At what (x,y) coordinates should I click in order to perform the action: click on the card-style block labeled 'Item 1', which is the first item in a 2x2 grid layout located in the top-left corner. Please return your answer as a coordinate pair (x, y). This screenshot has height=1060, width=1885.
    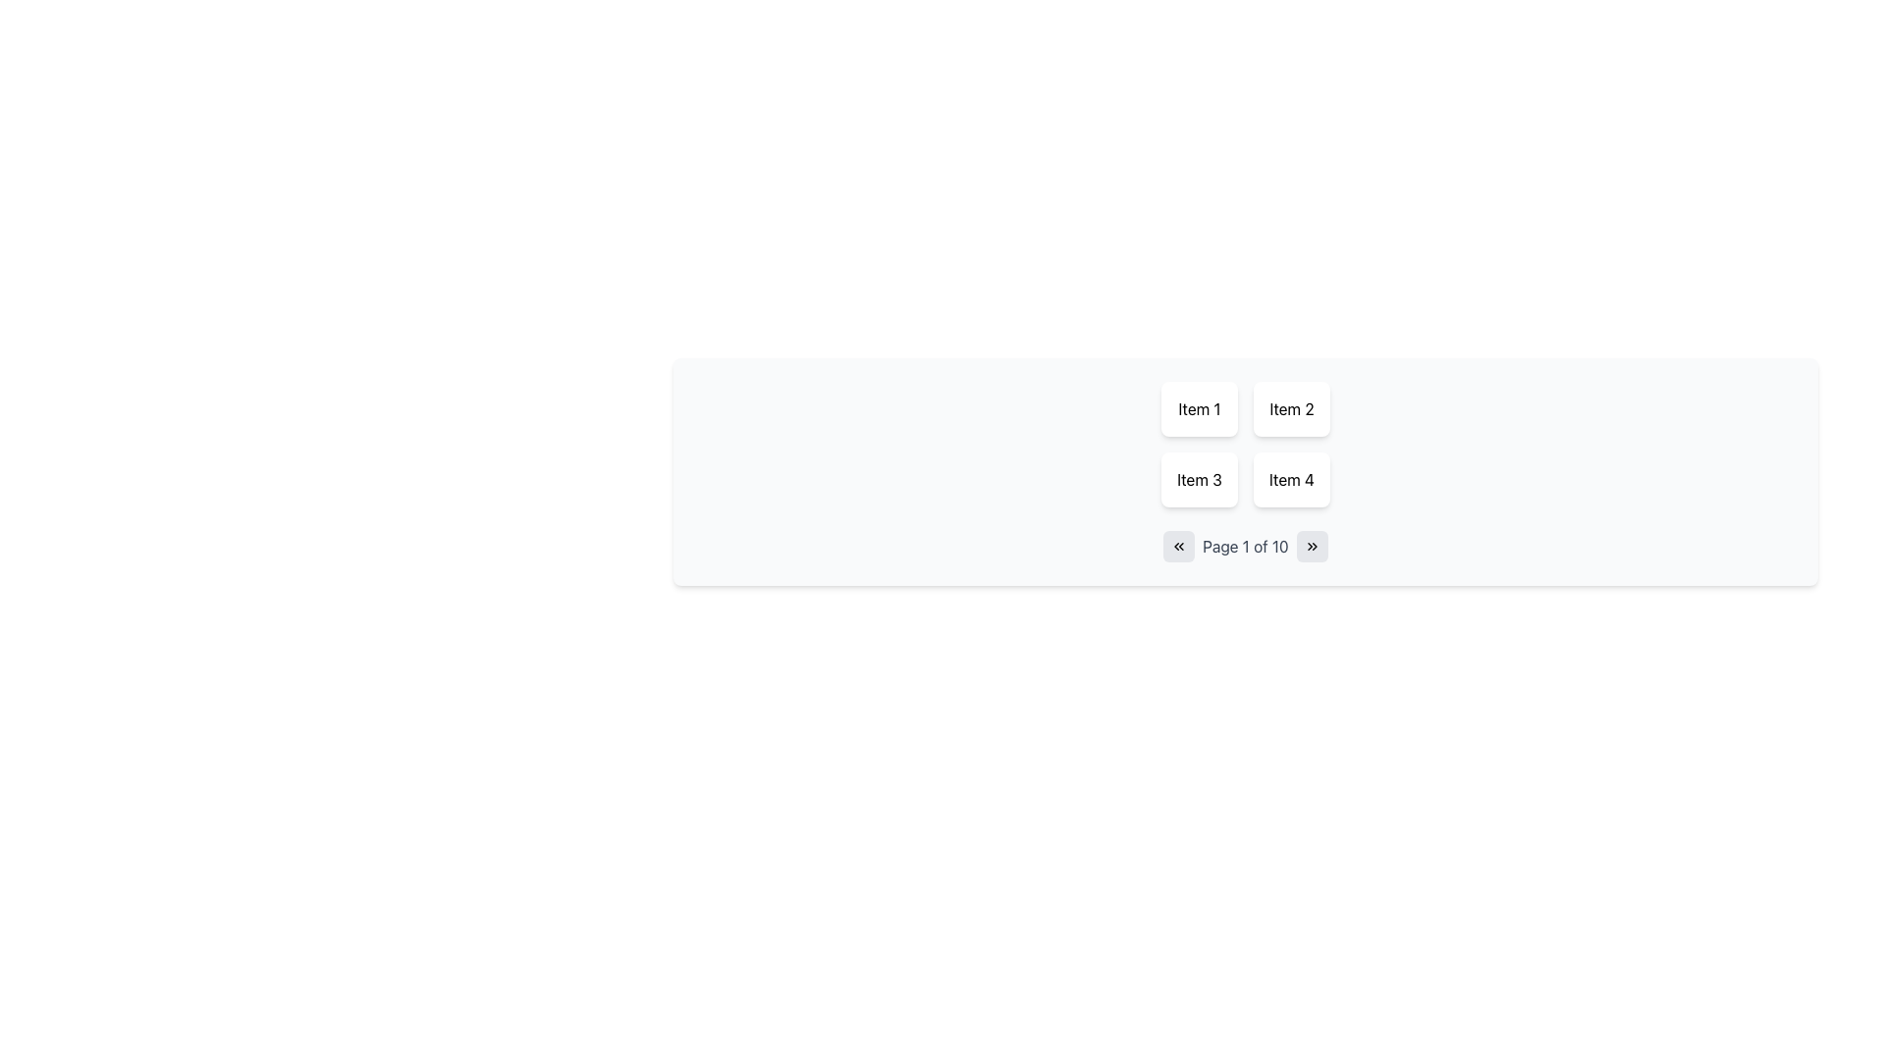
    Looking at the image, I should click on (1199, 407).